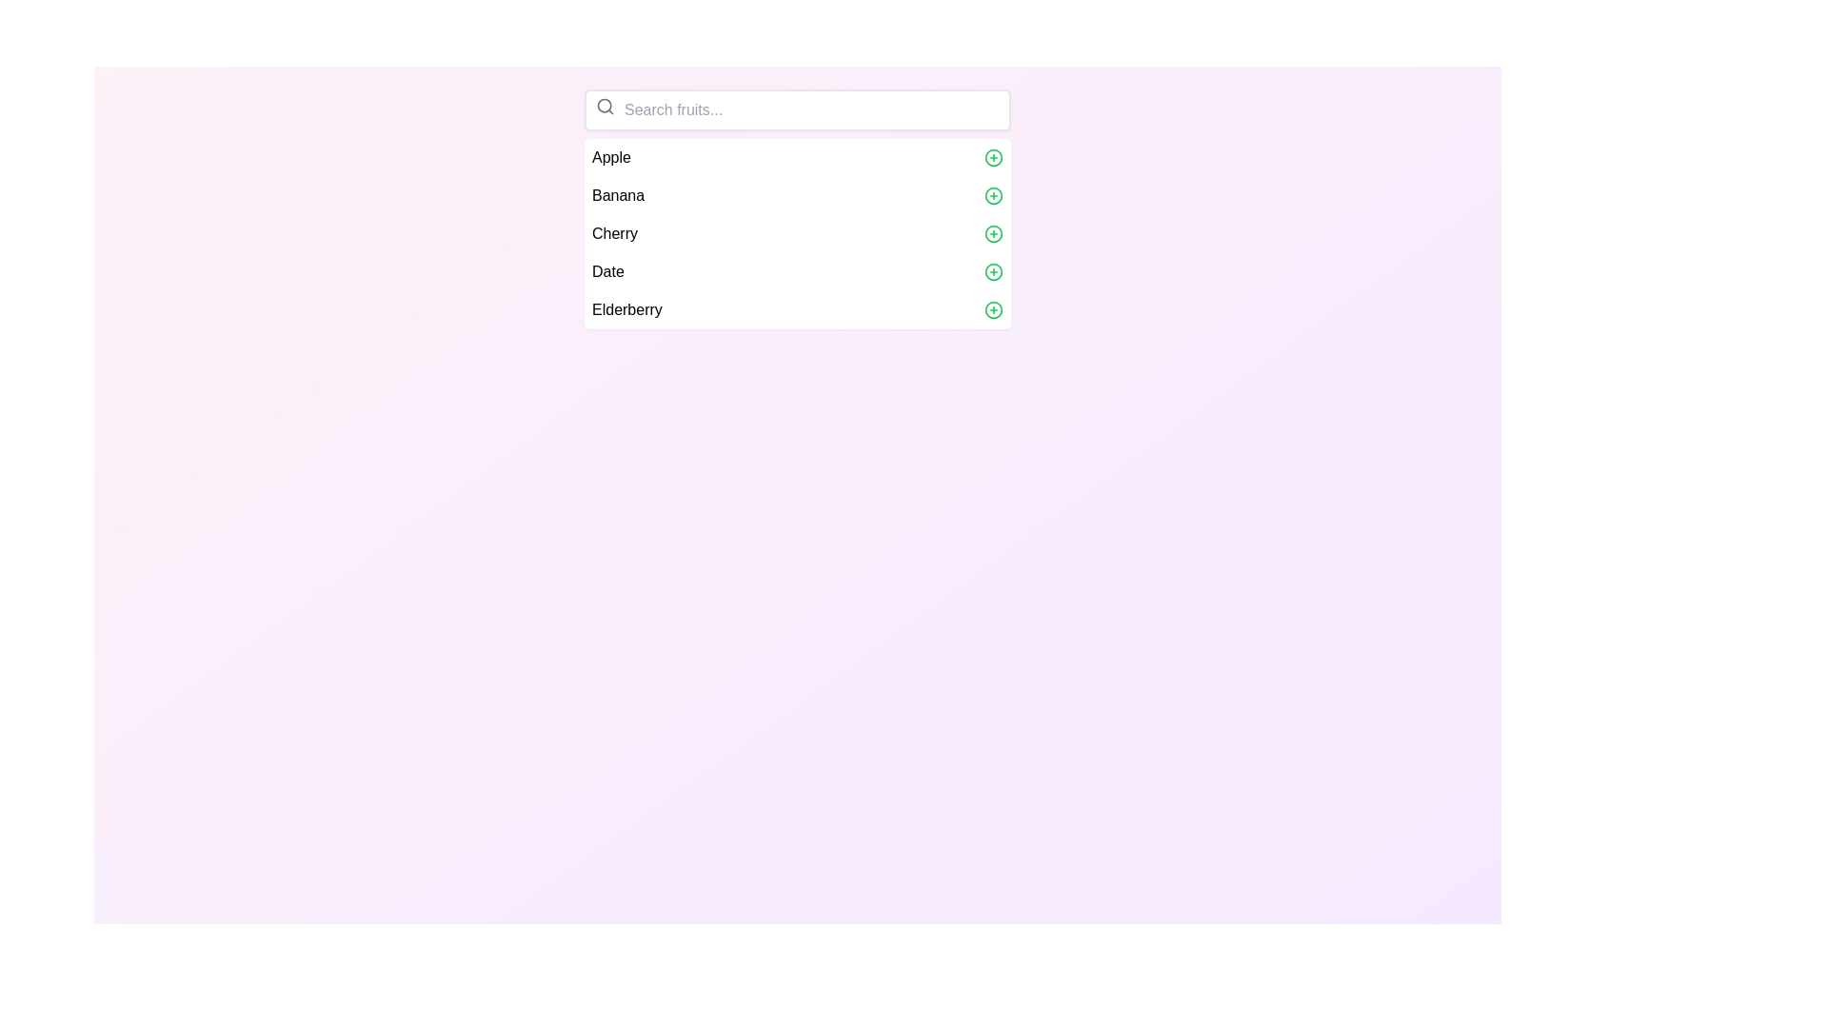 The height and width of the screenshot is (1028, 1828). What do you see at coordinates (798, 309) in the screenshot?
I see `the fifth item in the dropdown list, which represents a selectable option for fruit names` at bounding box center [798, 309].